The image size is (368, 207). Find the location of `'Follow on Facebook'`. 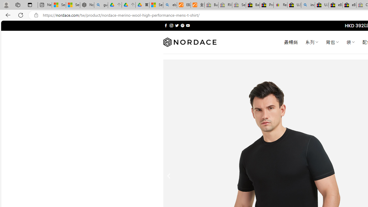

'Follow on Facebook' is located at coordinates (166, 25).